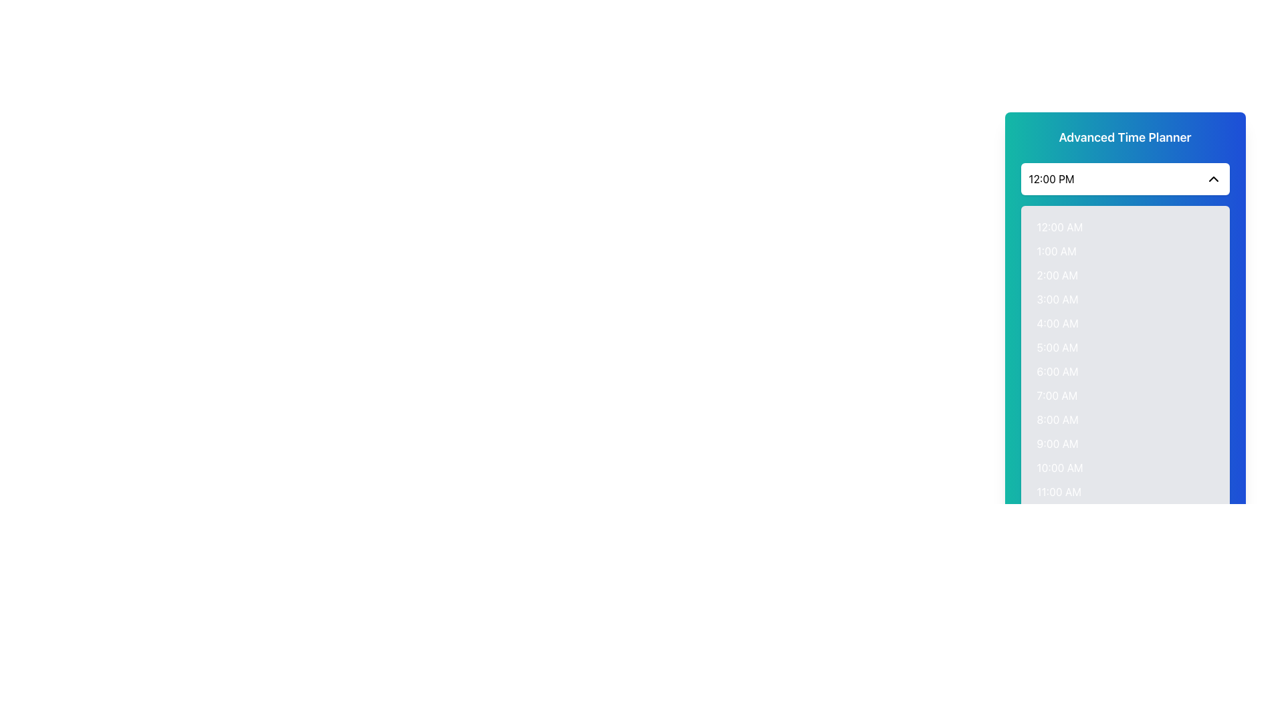  What do you see at coordinates (1124, 467) in the screenshot?
I see `the selectable list item displaying '10:00 AM' in the dropdown menu` at bounding box center [1124, 467].